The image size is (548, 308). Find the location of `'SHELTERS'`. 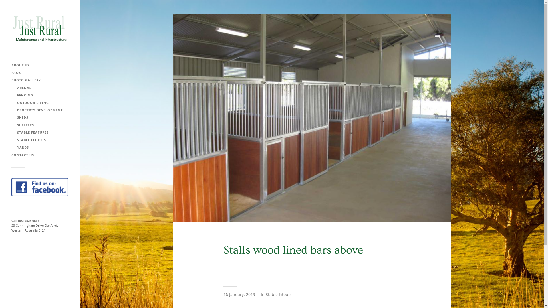

'SHELTERS' is located at coordinates (25, 124).